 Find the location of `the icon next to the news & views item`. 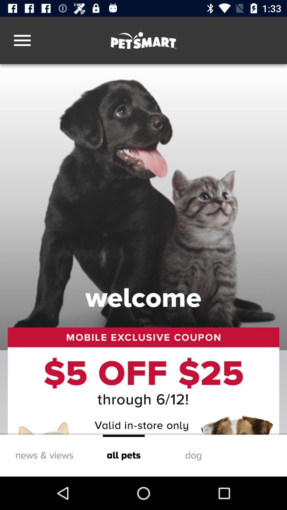

the icon next to the news & views item is located at coordinates (124, 455).